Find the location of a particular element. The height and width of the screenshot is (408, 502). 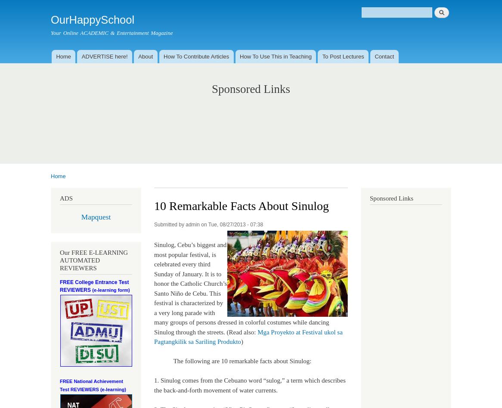

'10 Remarkable Facts About Sinulog' is located at coordinates (241, 205).